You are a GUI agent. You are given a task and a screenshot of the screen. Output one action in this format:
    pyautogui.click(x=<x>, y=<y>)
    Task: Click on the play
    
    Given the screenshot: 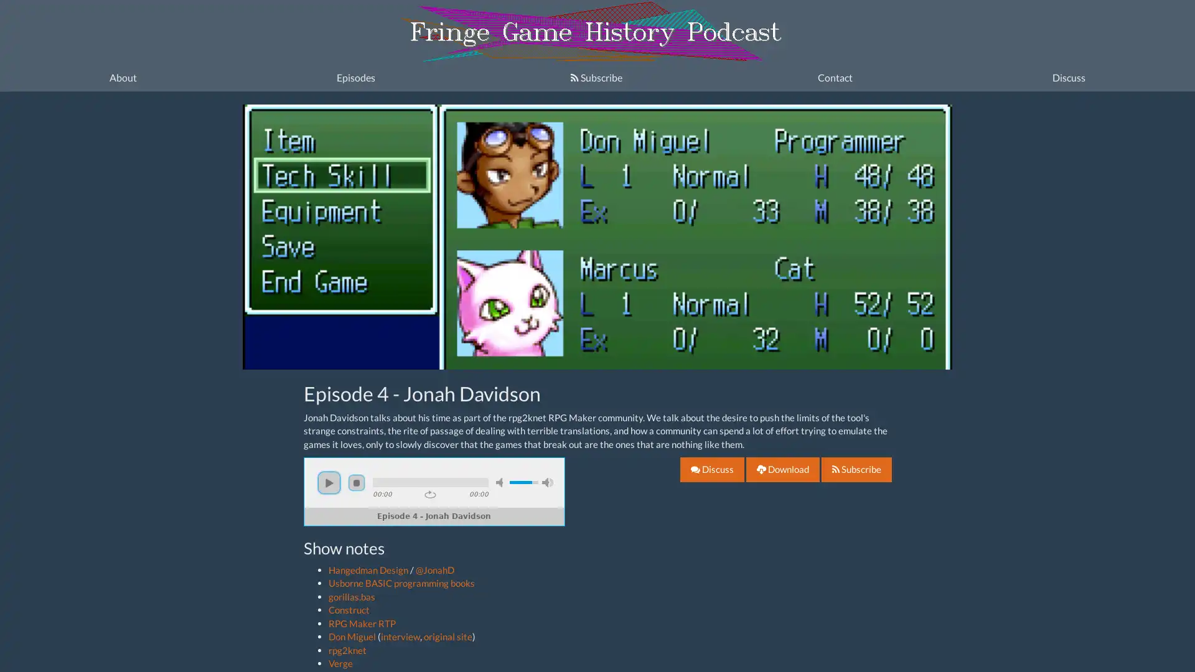 What is the action you would take?
    pyautogui.click(x=329, y=482)
    